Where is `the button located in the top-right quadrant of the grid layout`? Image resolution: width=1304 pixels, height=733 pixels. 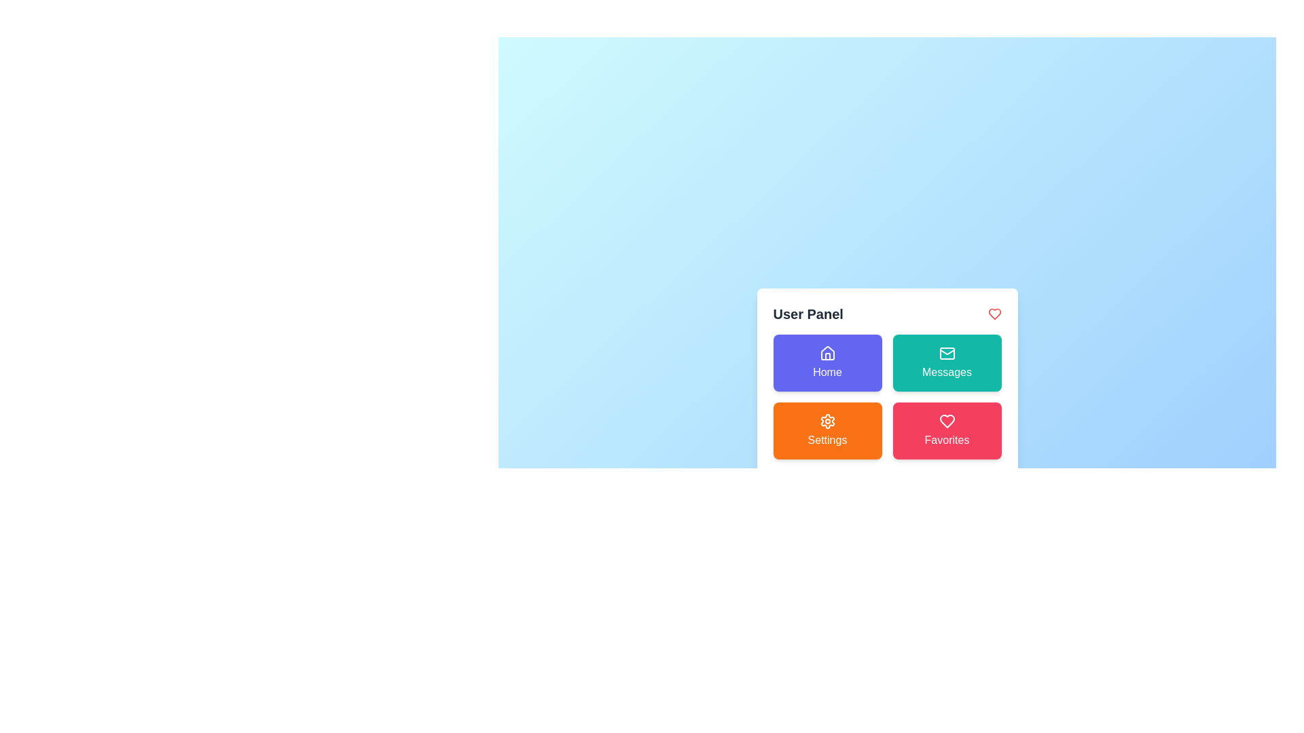
the button located in the top-right quadrant of the grid layout is located at coordinates (946, 362).